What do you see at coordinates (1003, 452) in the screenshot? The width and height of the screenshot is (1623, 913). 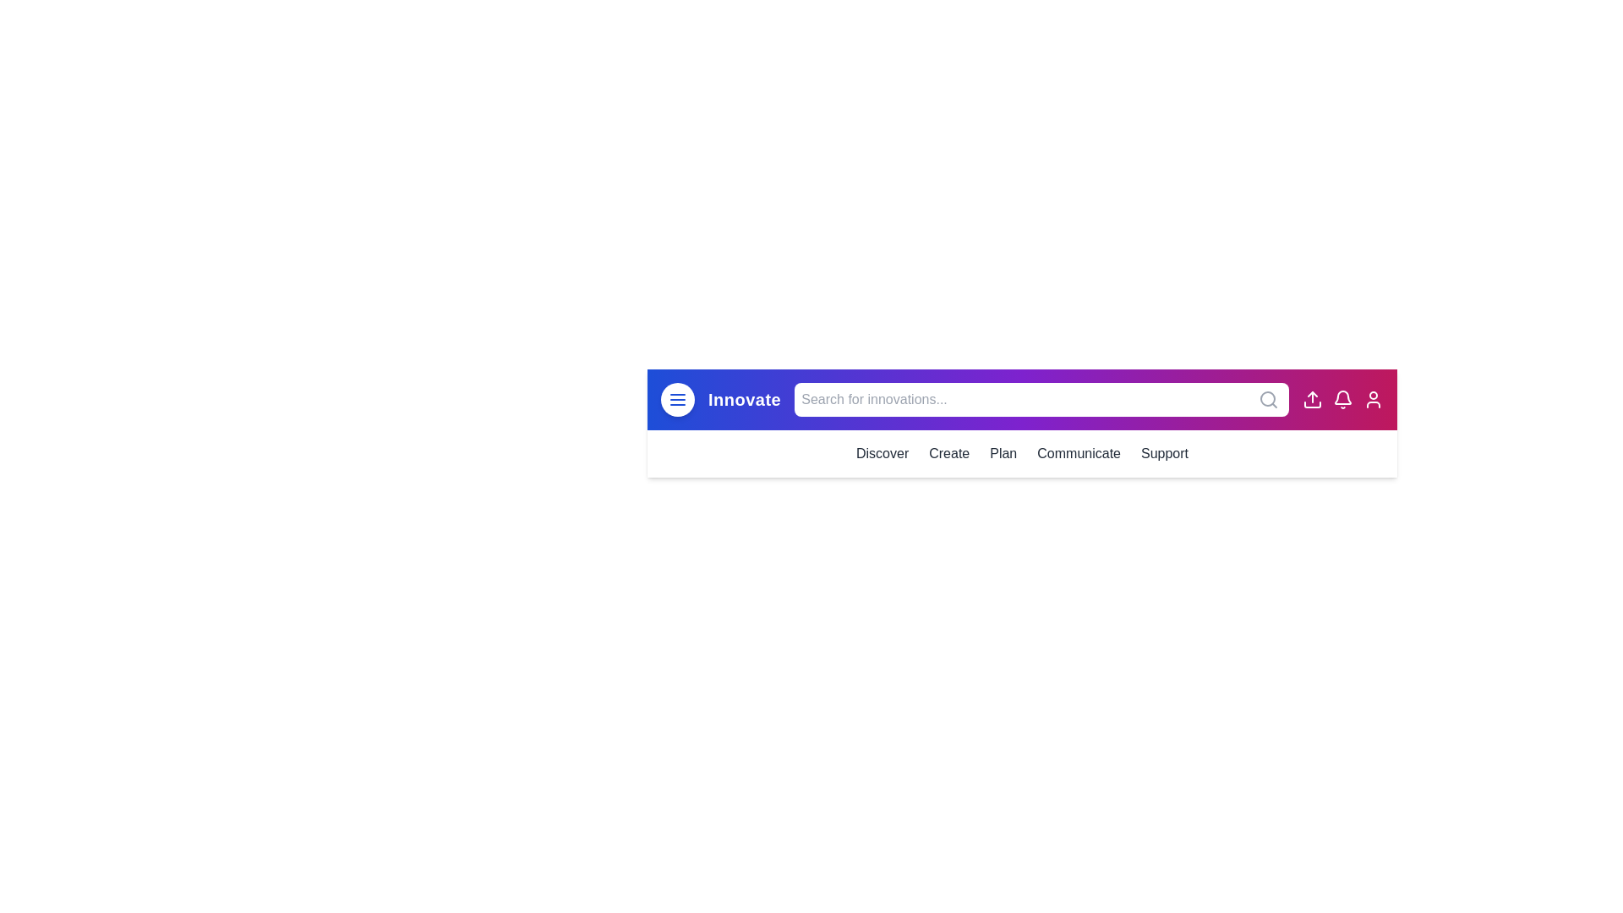 I see `the menu item Plan` at bounding box center [1003, 452].